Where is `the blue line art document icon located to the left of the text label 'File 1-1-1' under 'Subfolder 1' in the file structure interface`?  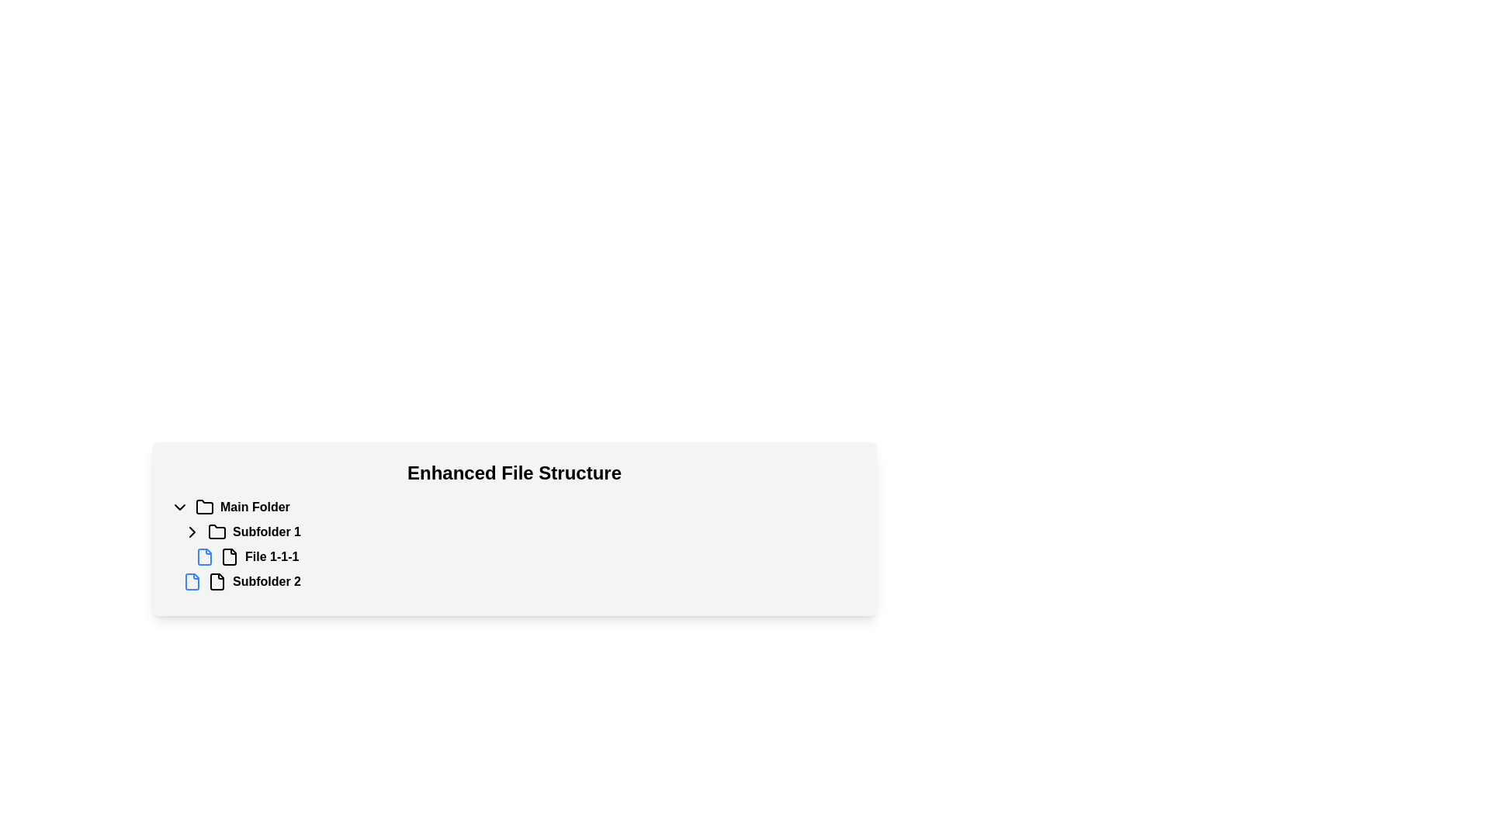
the blue line art document icon located to the left of the text label 'File 1-1-1' under 'Subfolder 1' in the file structure interface is located at coordinates (204, 556).